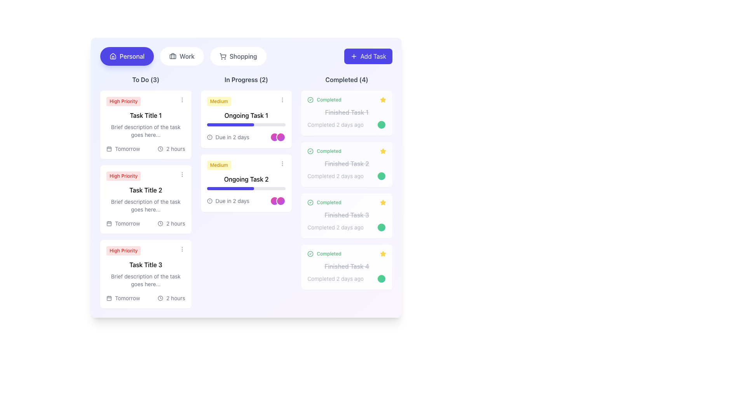 Image resolution: width=746 pixels, height=420 pixels. What do you see at coordinates (382, 176) in the screenshot?
I see `the state indicator or status badge located at the far-right side of the 'Completed Task 2' section, aligned horizontally with the text 'Completed 2 days ago.'` at bounding box center [382, 176].